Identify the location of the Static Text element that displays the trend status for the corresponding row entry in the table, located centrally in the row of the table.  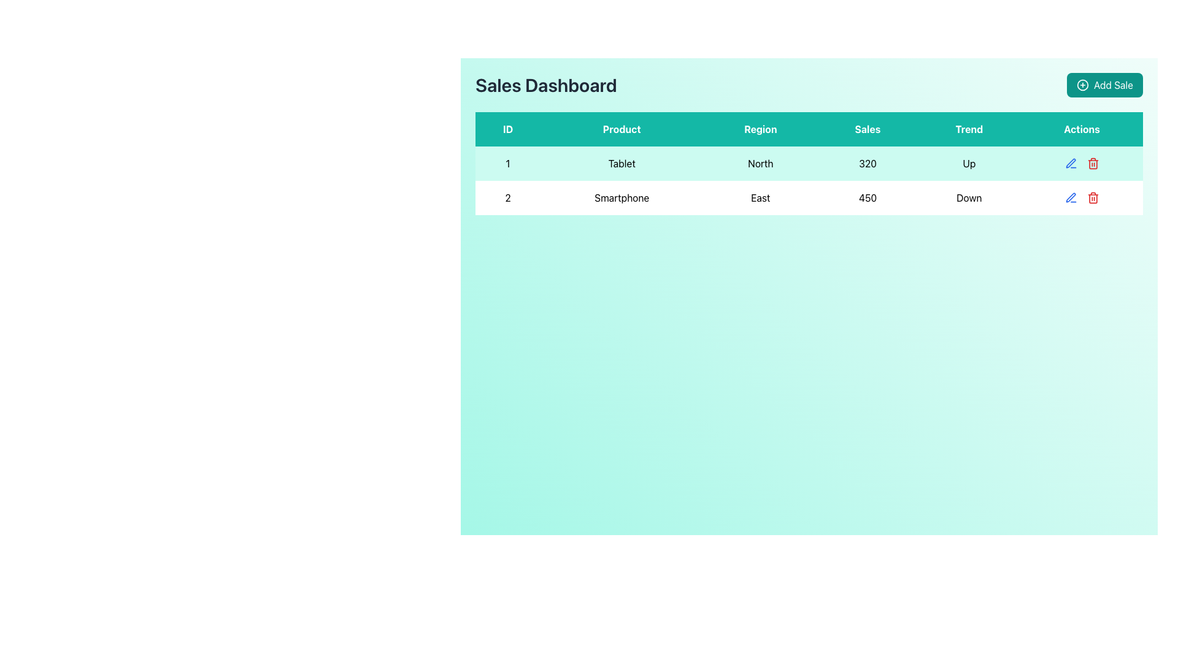
(968, 197).